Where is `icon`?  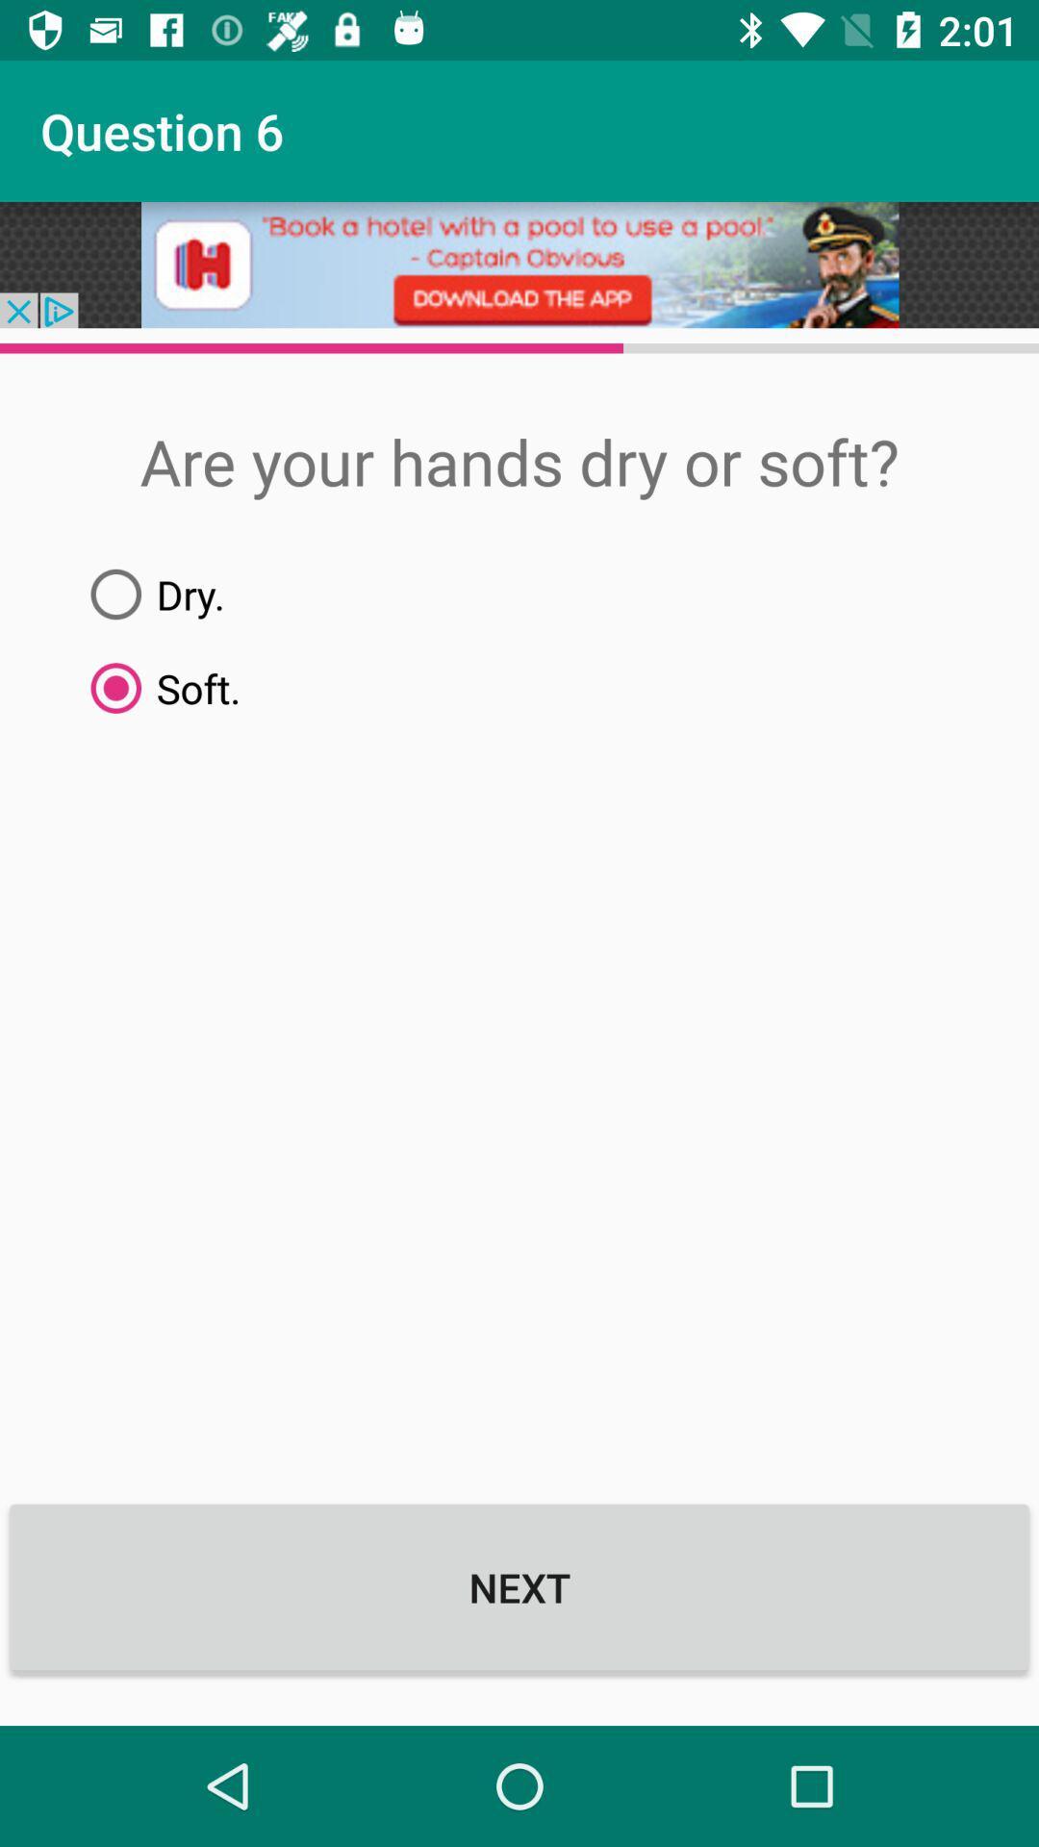 icon is located at coordinates (519, 264).